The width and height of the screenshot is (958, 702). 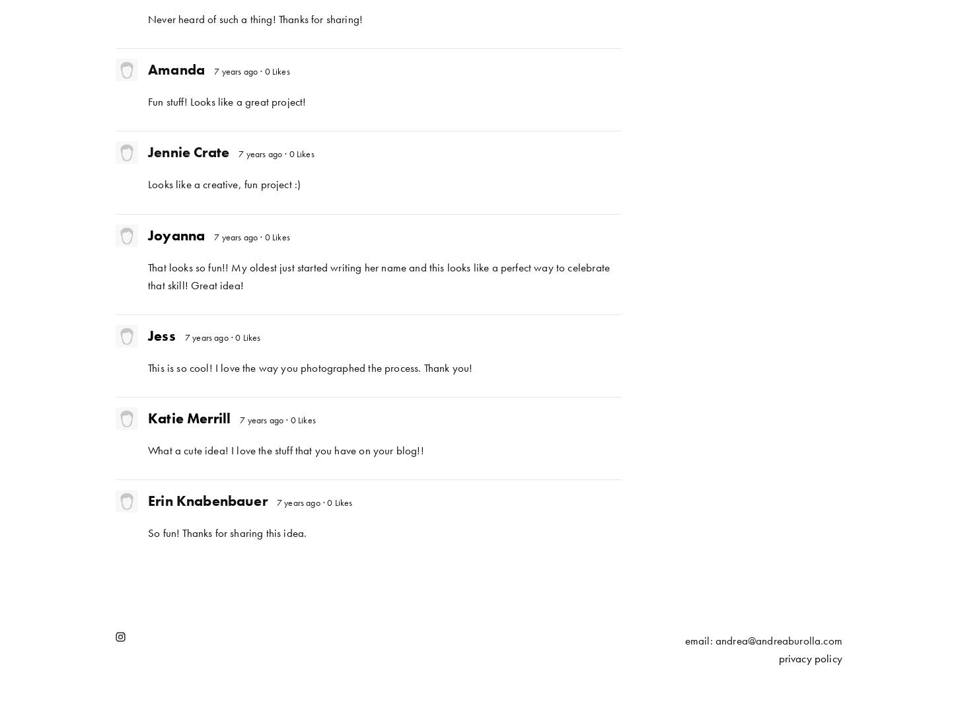 What do you see at coordinates (147, 184) in the screenshot?
I see `'Looks like a creative, fun project :)'` at bounding box center [147, 184].